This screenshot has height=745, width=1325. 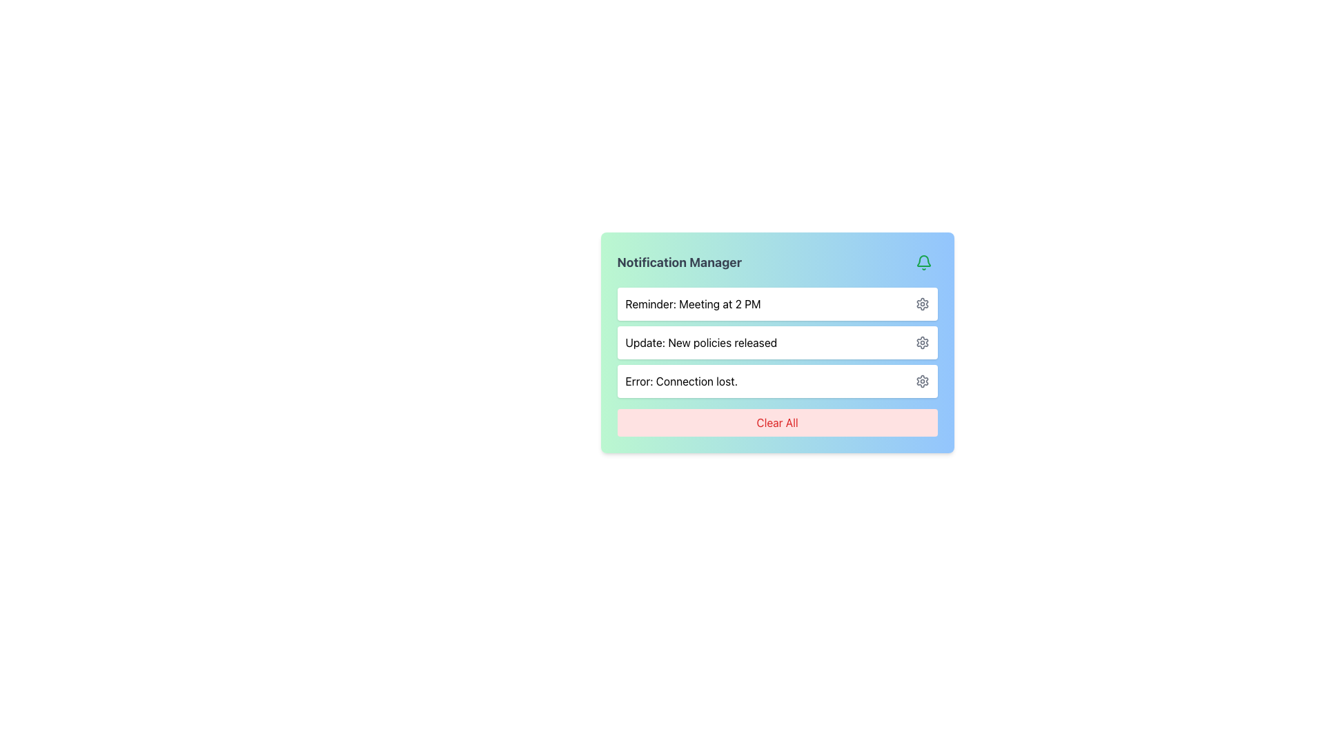 I want to click on the settings icon button located next to the text 'Error: Connection lost.' in the notification box, so click(x=922, y=381).